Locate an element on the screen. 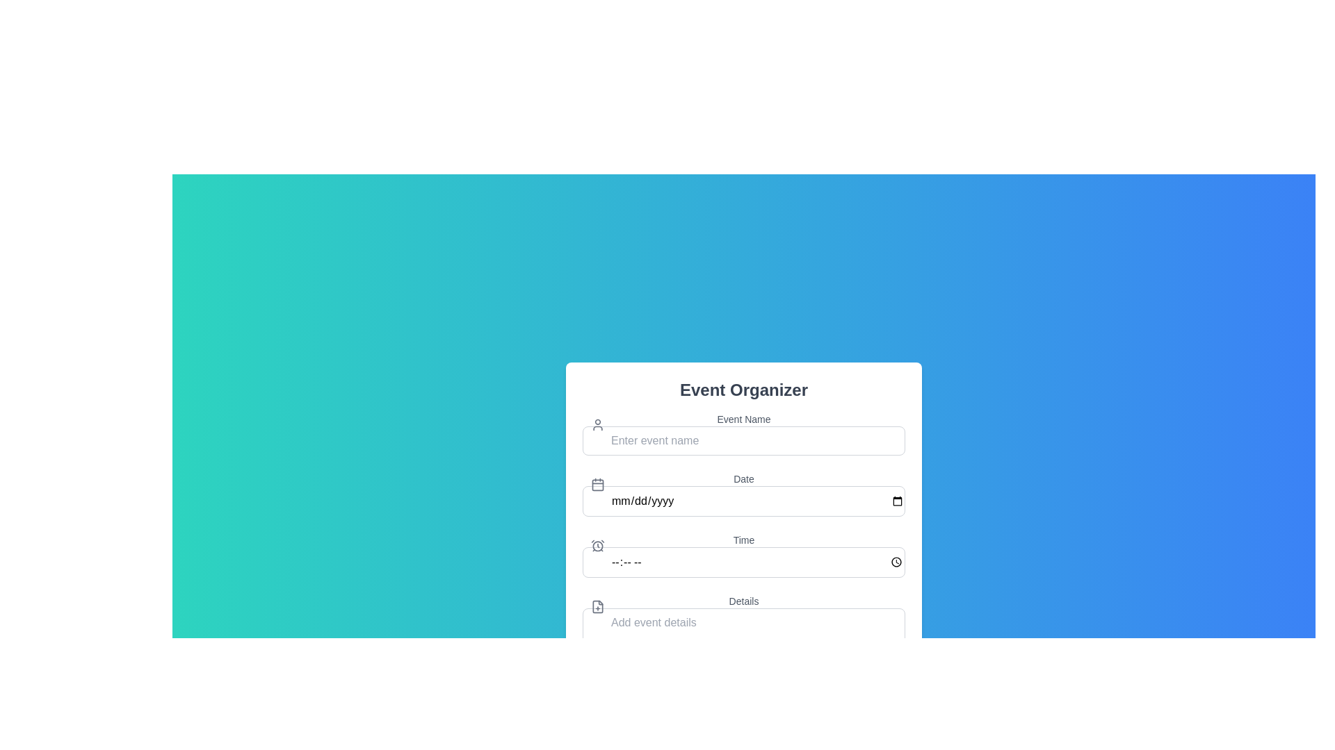 The image size is (1335, 750). the calendar icon, which is a recognizable square design with two small vertical lines at the top and a grid-like bottom half, located to the left of the 'Date' input field labeled 'mm/dd/yyyy' is located at coordinates (597, 483).